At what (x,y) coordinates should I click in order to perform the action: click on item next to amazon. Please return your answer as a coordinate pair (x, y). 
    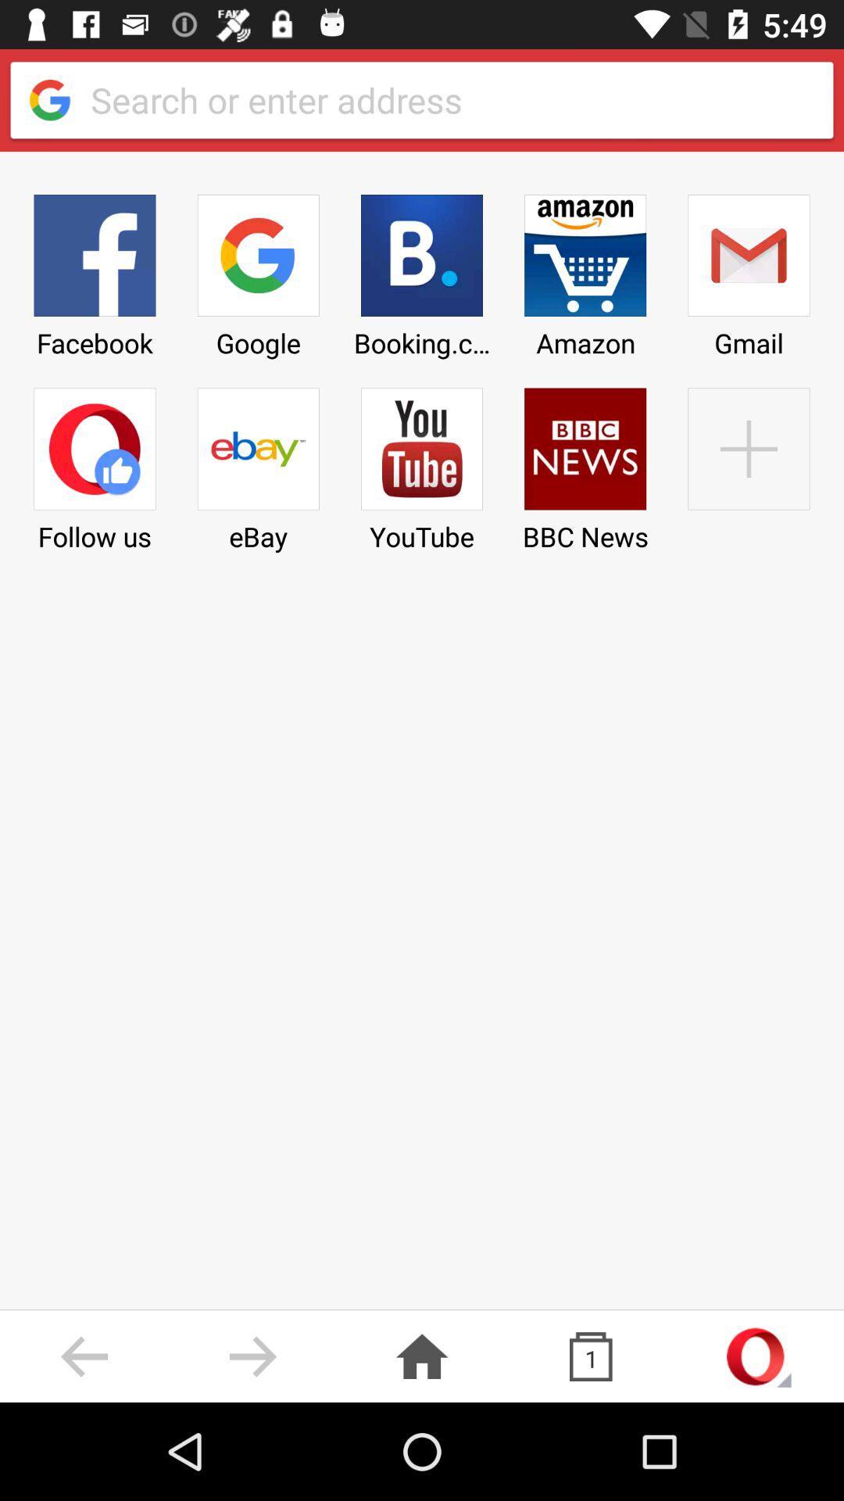
    Looking at the image, I should click on (422, 270).